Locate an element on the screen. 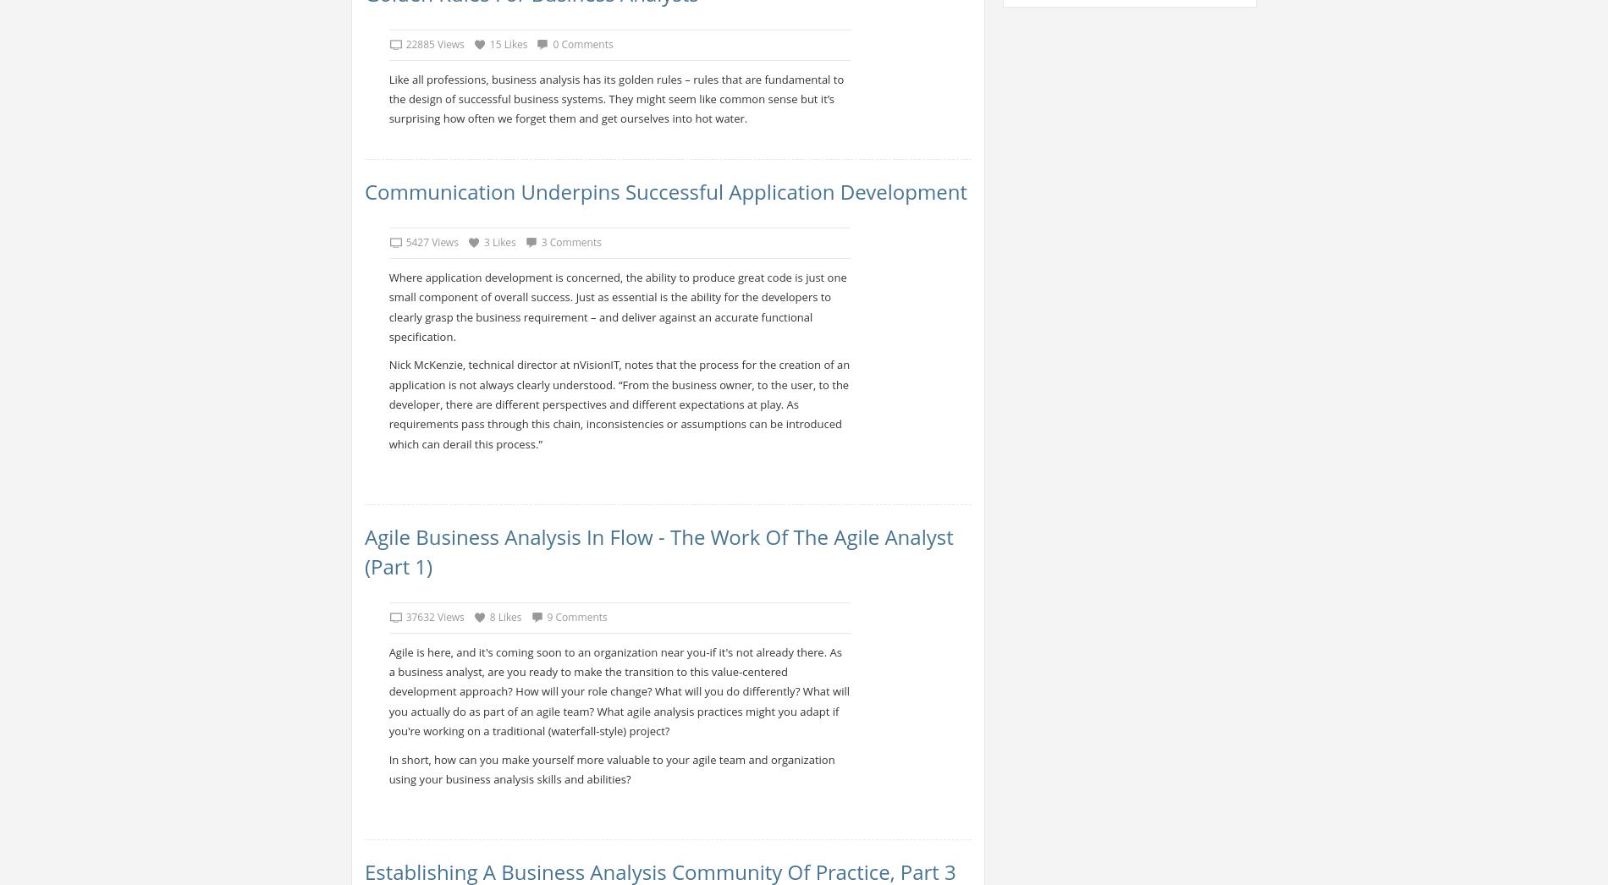 The height and width of the screenshot is (885, 1608). 'Agile Business Analysis in Flow - The Work of the Agile Analyst (Part 1)' is located at coordinates (658, 550).